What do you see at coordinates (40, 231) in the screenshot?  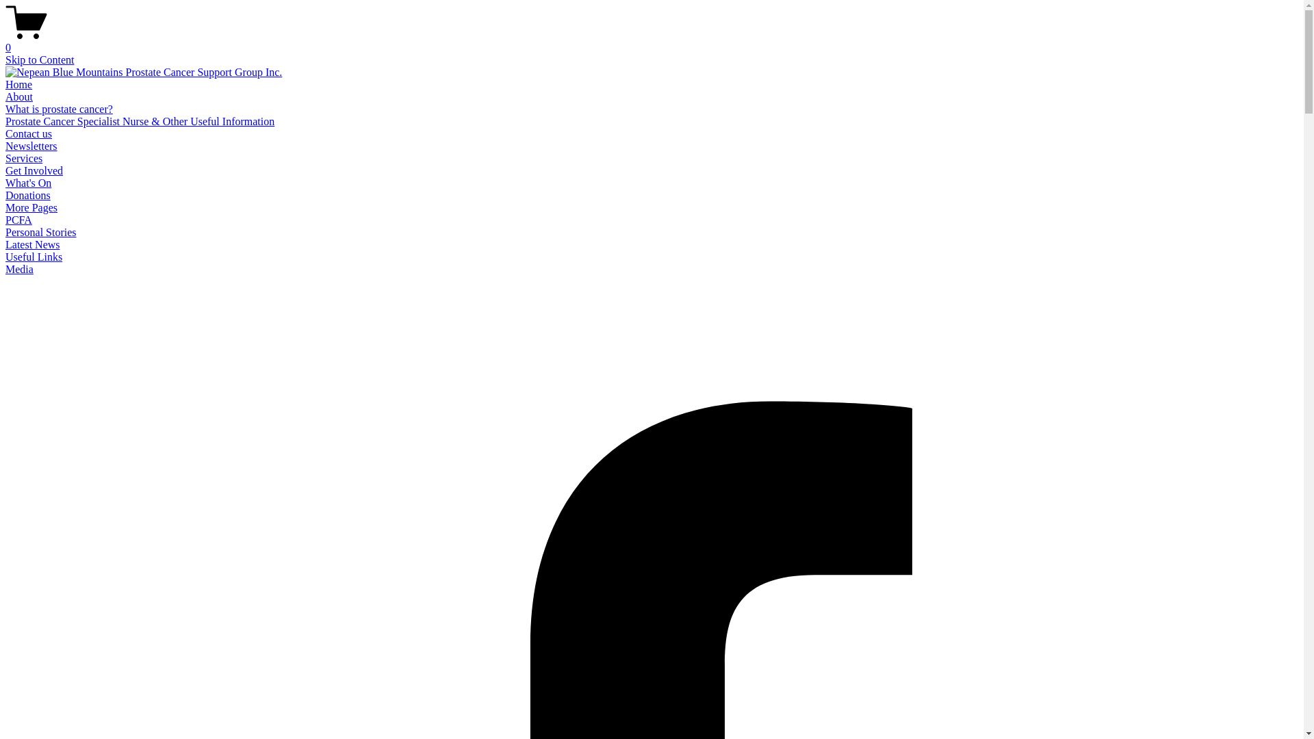 I see `'Personal Stories'` at bounding box center [40, 231].